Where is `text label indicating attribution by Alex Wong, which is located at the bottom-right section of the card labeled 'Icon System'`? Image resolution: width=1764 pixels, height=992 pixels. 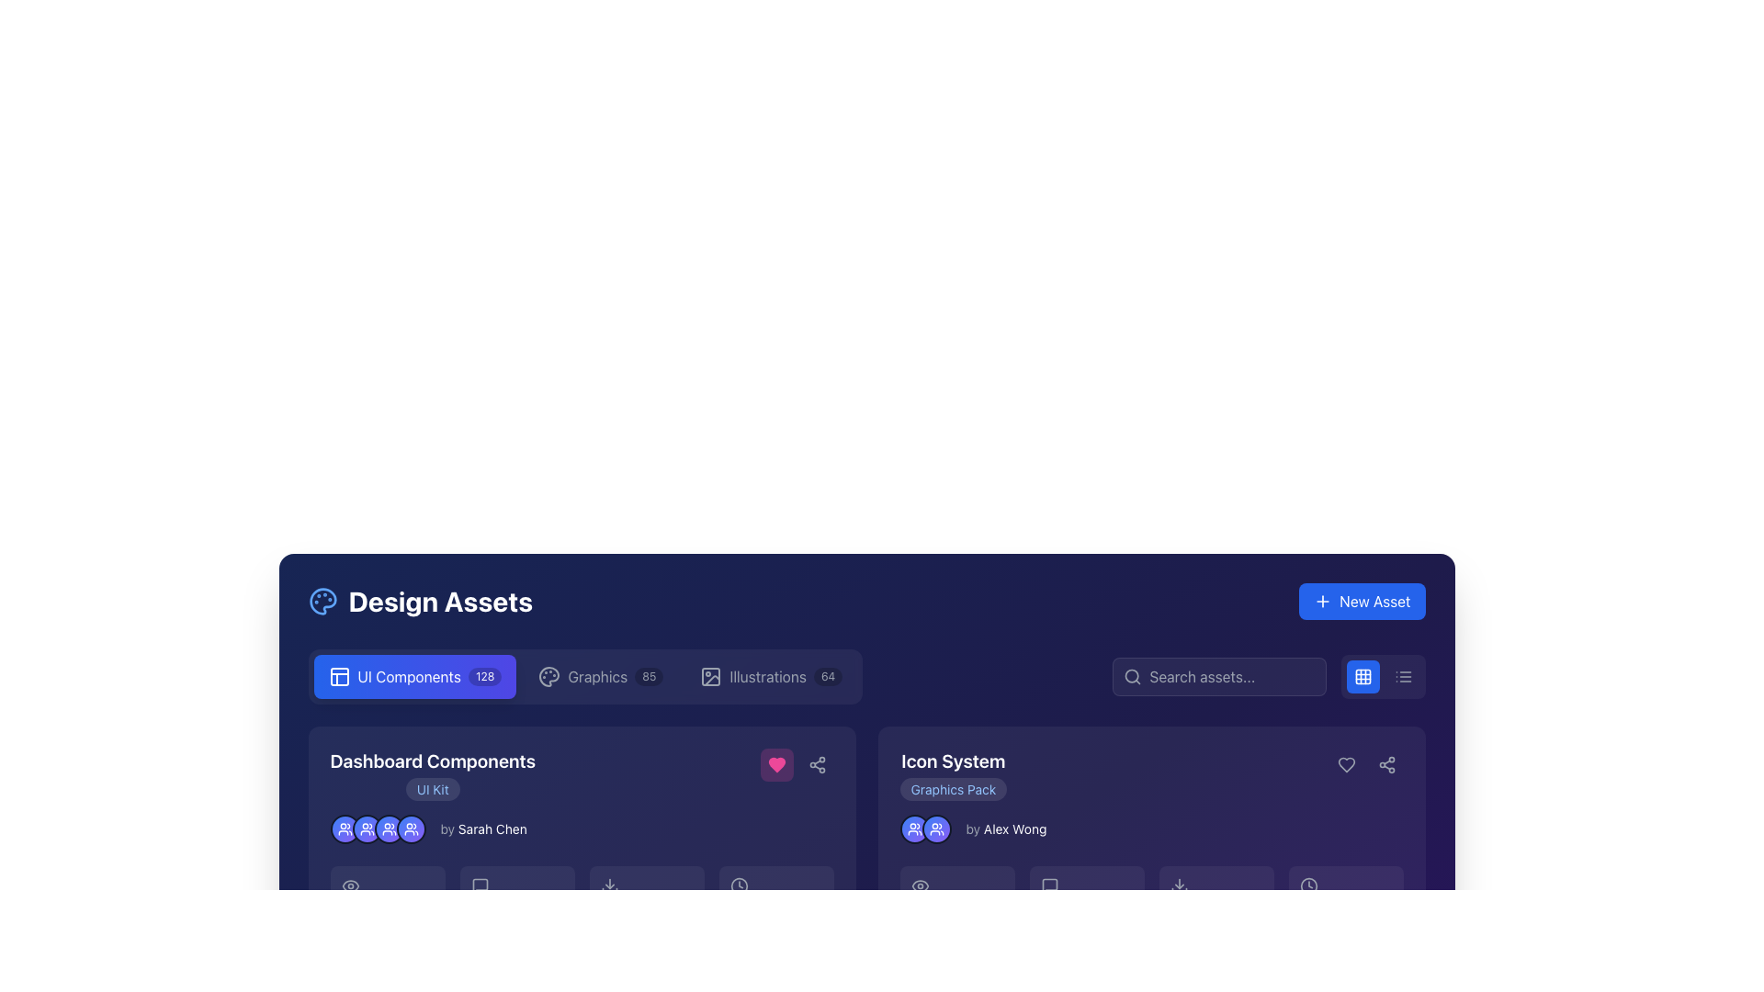
text label indicating attribution by Alex Wong, which is located at the bottom-right section of the card labeled 'Icon System' is located at coordinates (1014, 829).